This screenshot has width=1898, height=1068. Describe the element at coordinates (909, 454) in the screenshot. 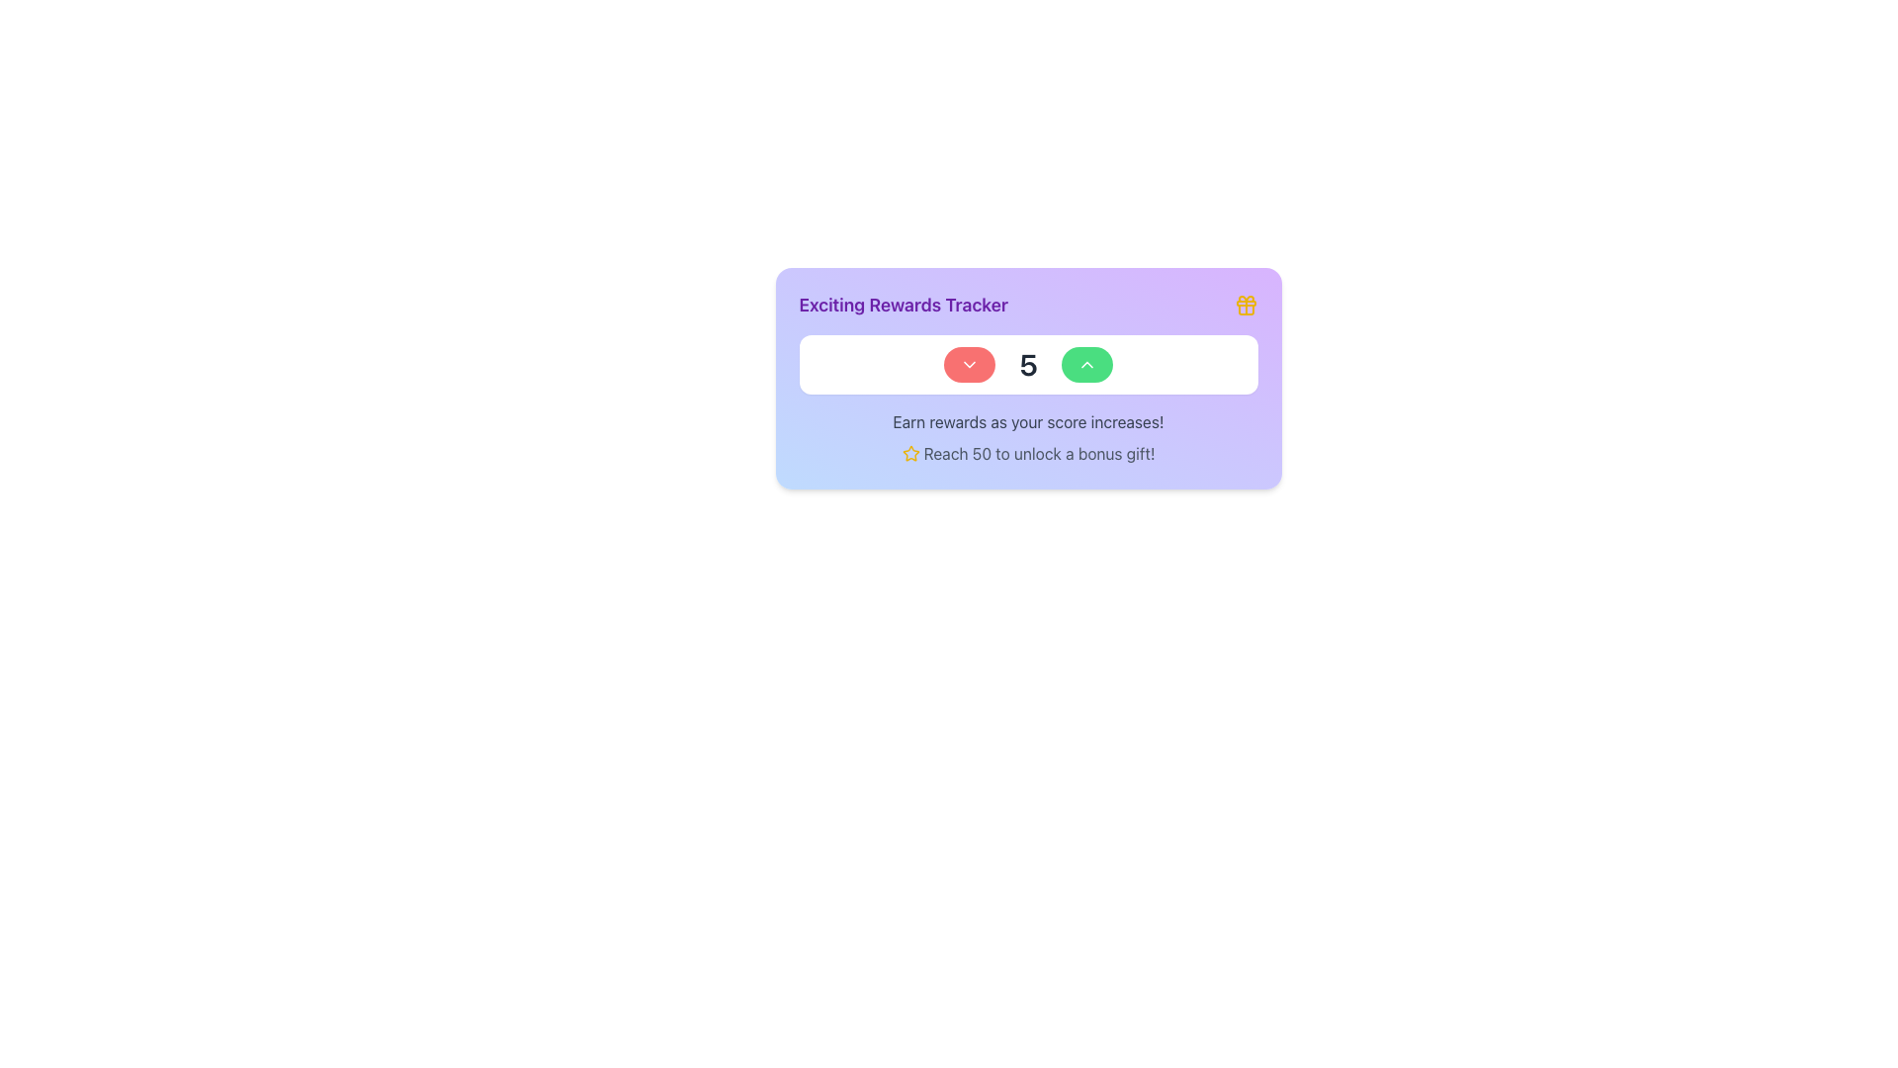

I see `the decorative star-shaped icon with a yellow outline, located to the left of the text 'Reach 50 to unlock a bonus gift!'` at that location.